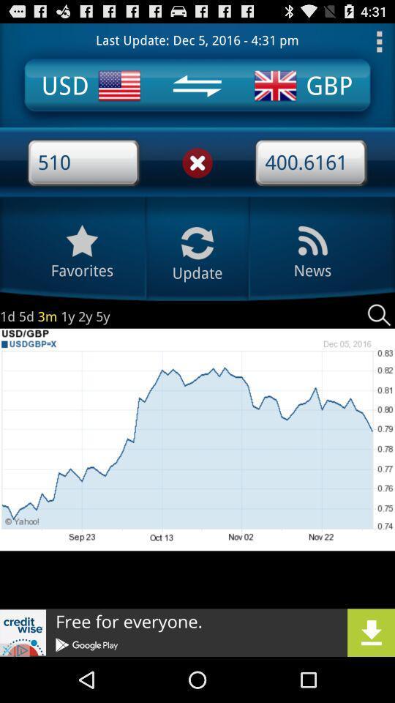 The image size is (395, 703). What do you see at coordinates (197, 174) in the screenshot?
I see `the close icon` at bounding box center [197, 174].